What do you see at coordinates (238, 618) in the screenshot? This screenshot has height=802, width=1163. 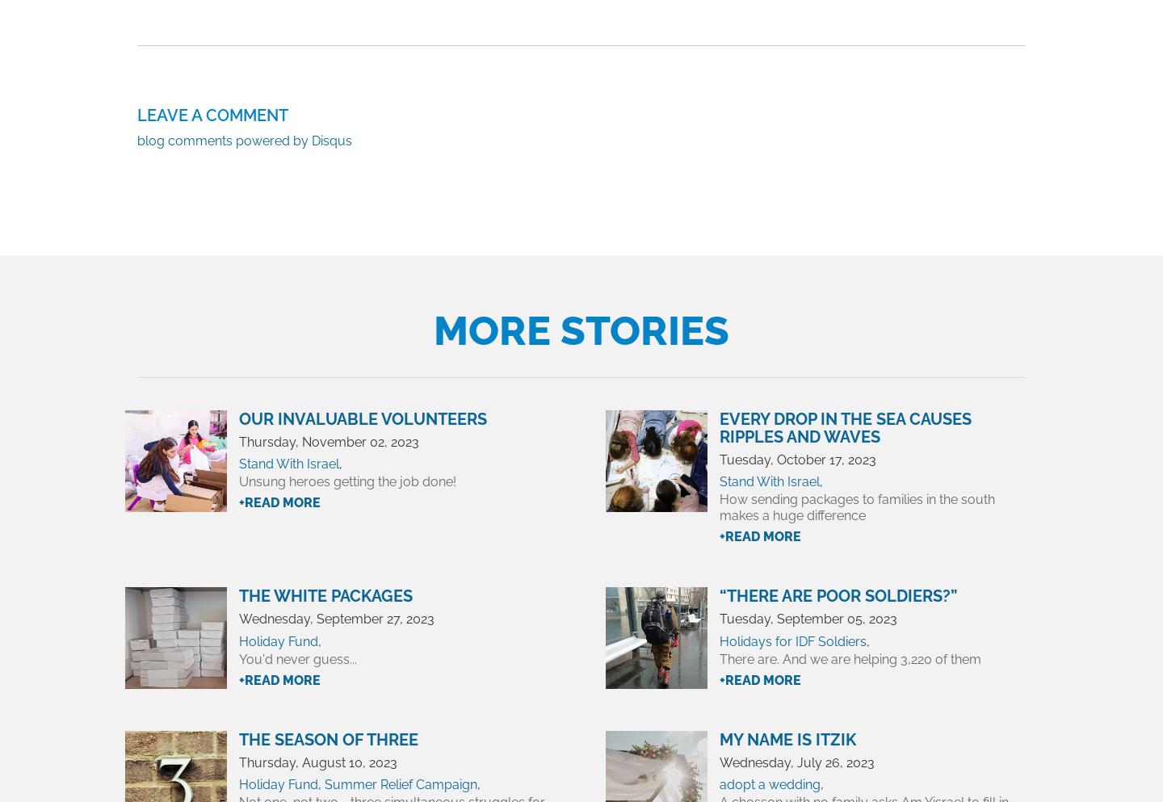 I see `'Wednesday, September 27, 2023'` at bounding box center [238, 618].